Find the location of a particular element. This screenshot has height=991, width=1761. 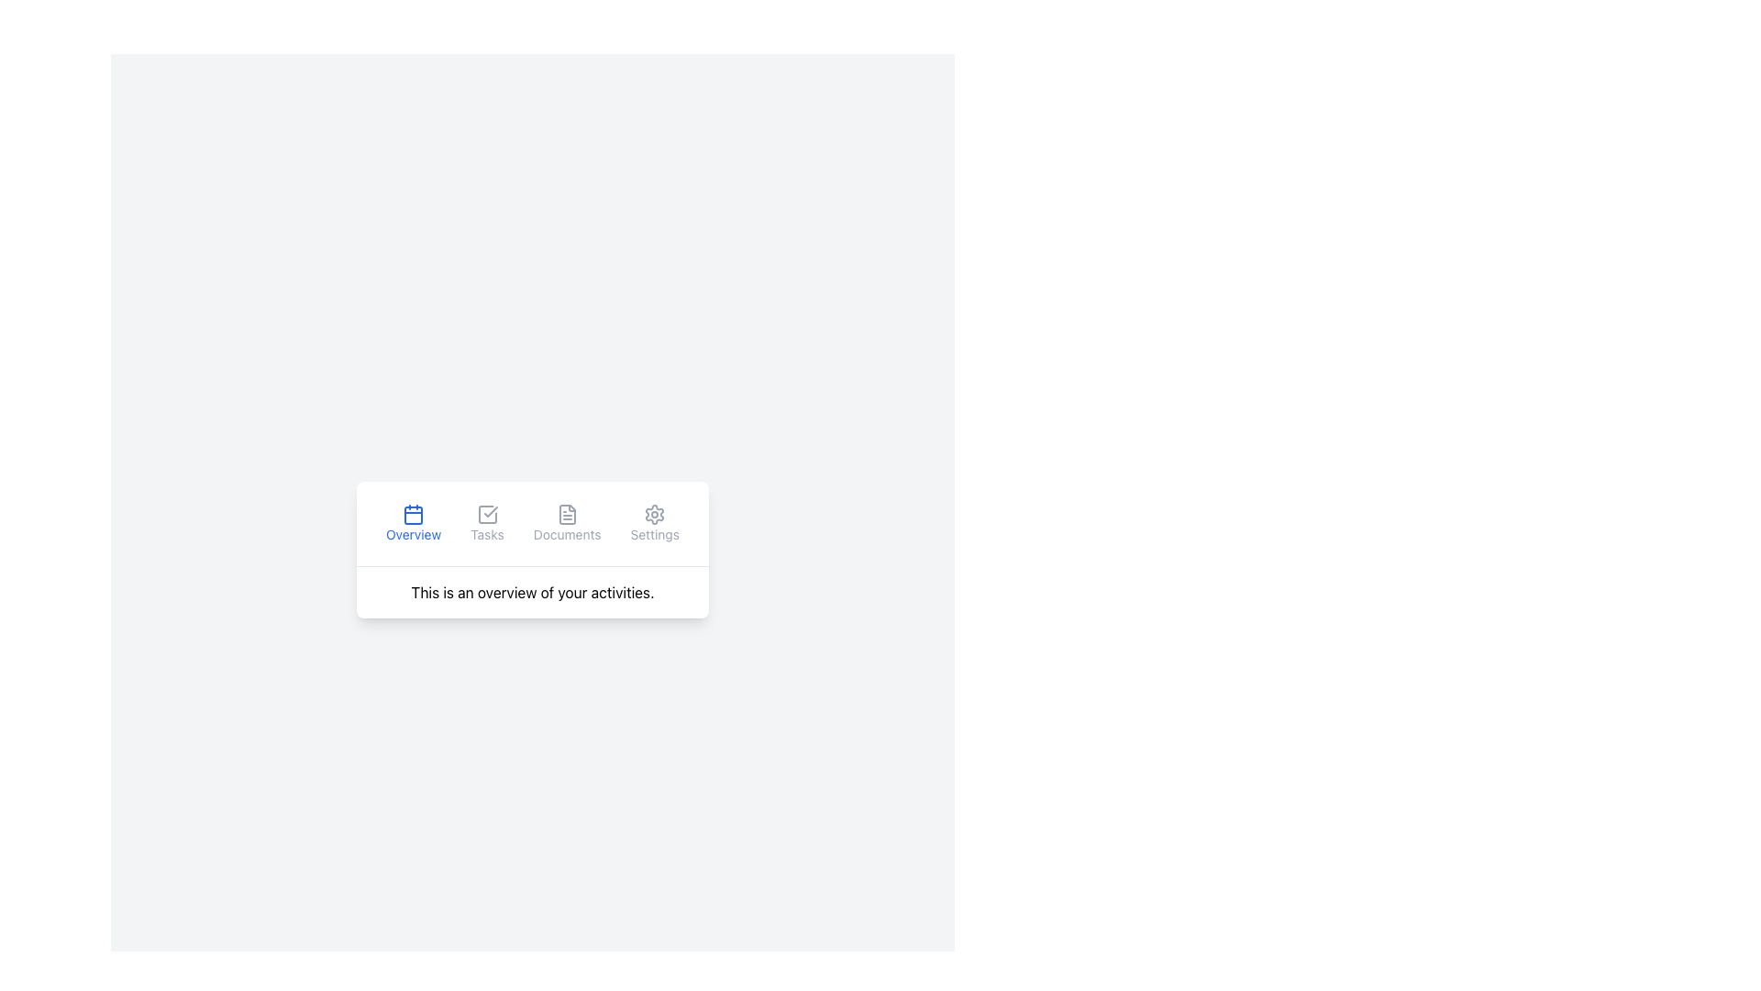

the 'Documents' icon in the bottom-centered navigation panel by clicking on it is located at coordinates (566, 514).